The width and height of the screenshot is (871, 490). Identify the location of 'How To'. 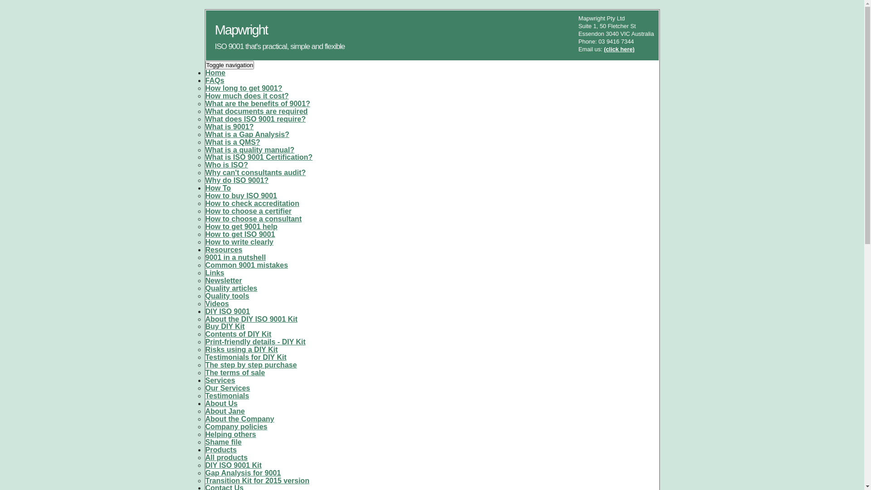
(218, 187).